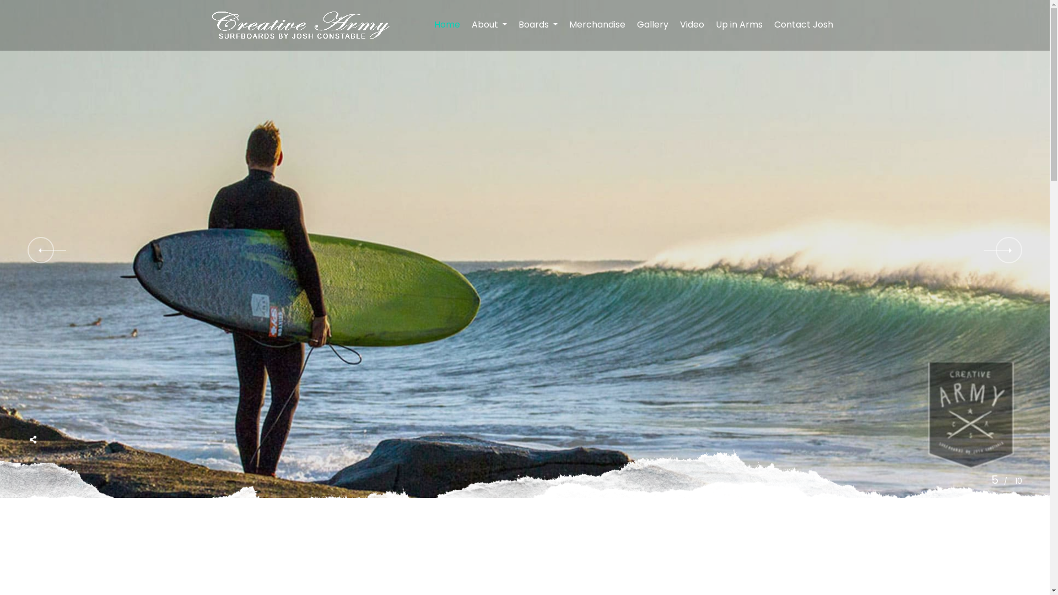 The width and height of the screenshot is (1058, 595). What do you see at coordinates (563, 25) in the screenshot?
I see `'Merchandise'` at bounding box center [563, 25].